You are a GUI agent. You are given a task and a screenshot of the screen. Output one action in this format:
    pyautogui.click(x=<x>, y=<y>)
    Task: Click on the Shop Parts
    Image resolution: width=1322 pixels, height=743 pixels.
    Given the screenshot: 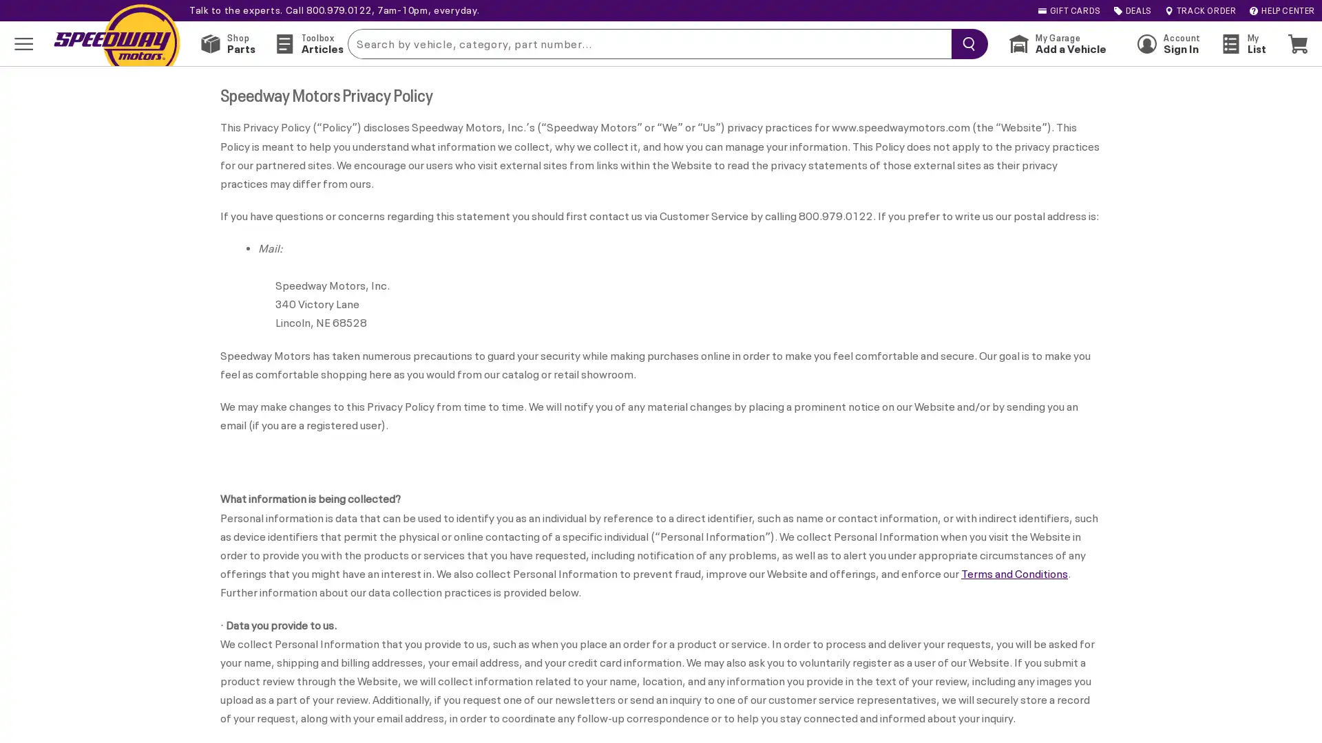 What is the action you would take?
    pyautogui.click(x=228, y=43)
    